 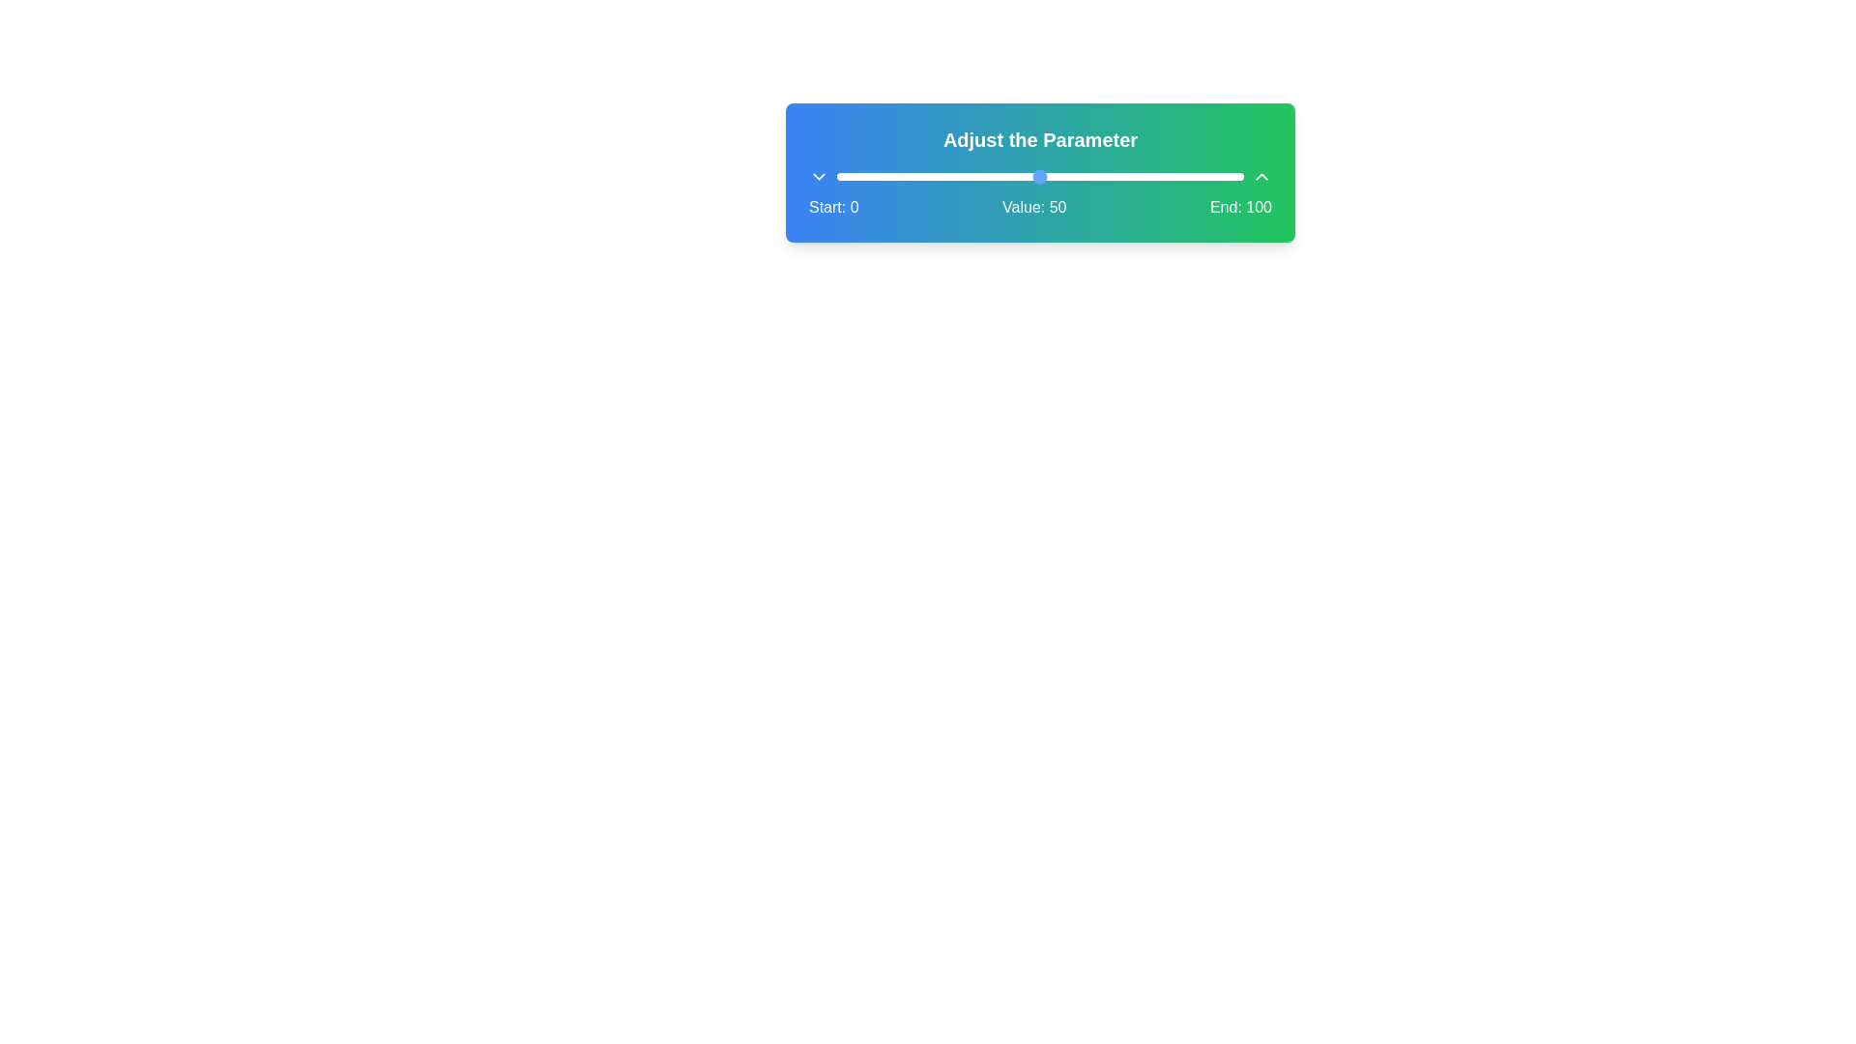 I want to click on the slider, so click(x=1205, y=176).